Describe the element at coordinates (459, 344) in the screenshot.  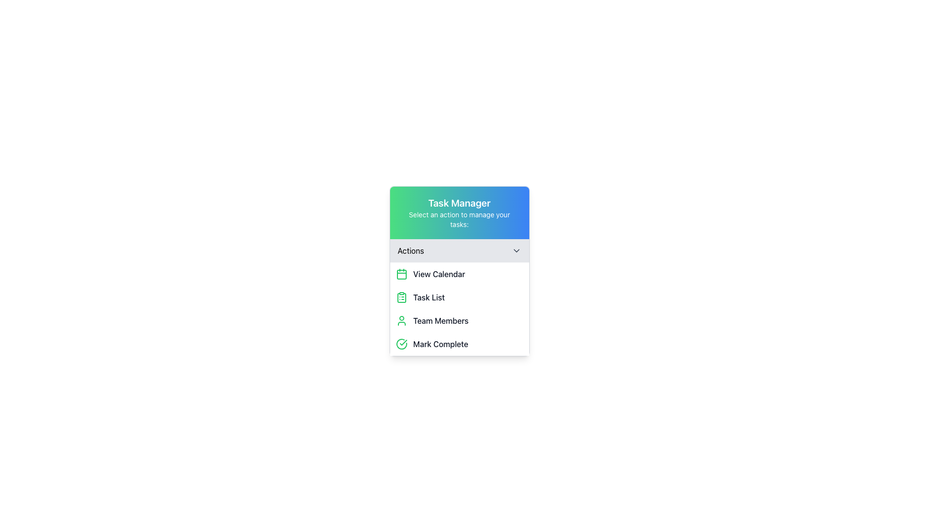
I see `the completion button located at the bottom of the actions dropdown menu` at that location.